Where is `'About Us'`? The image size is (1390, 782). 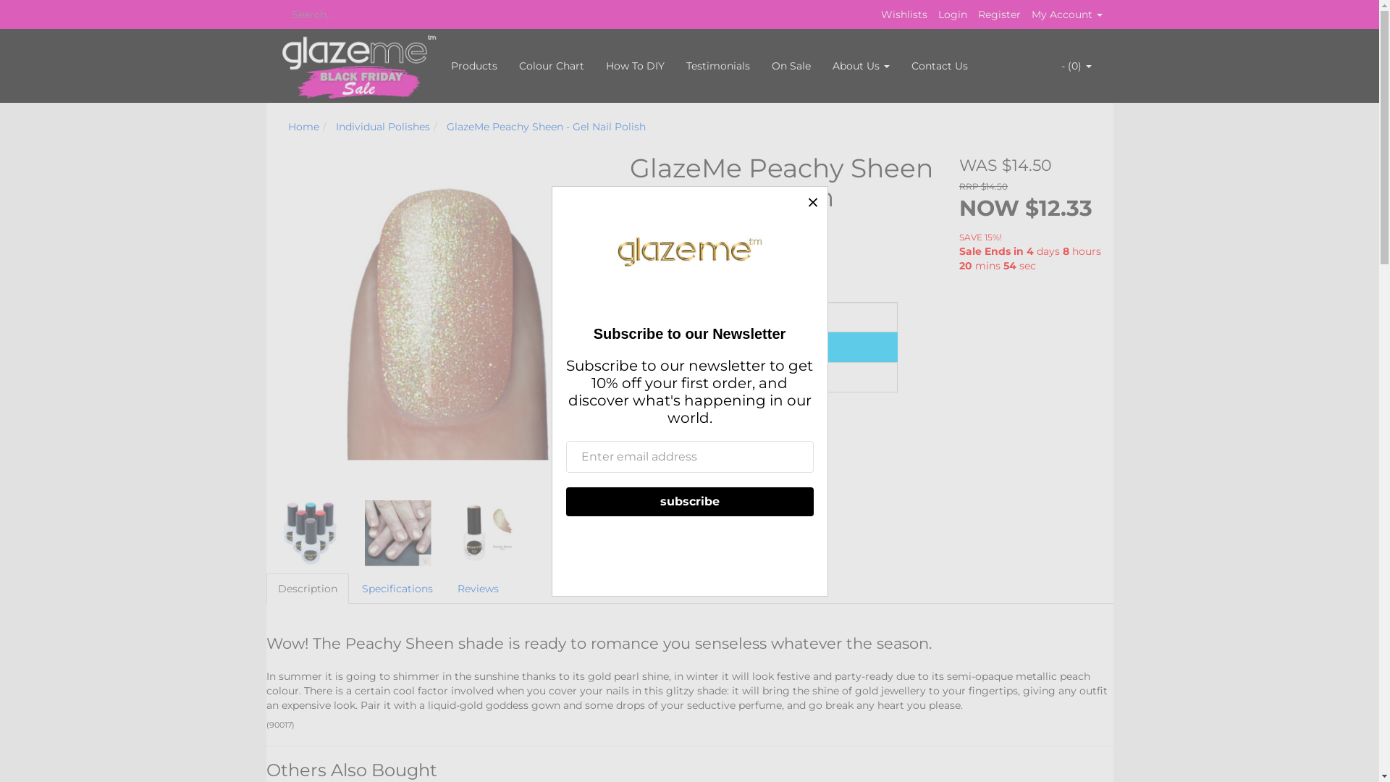
'About Us' is located at coordinates (820, 66).